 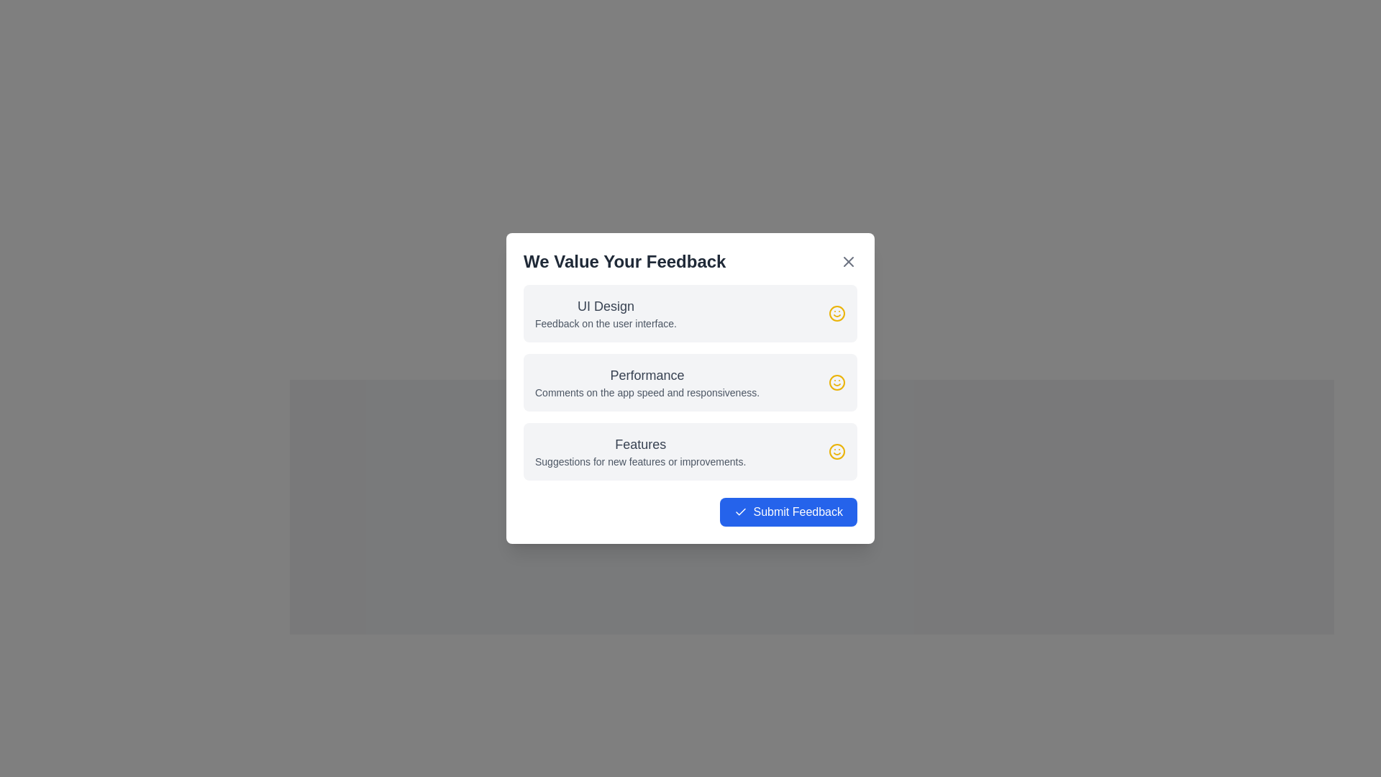 What do you see at coordinates (624, 261) in the screenshot?
I see `the Text (Heading) element that serves as the title for the user feedback modal, located at the upper-left region of the modal` at bounding box center [624, 261].